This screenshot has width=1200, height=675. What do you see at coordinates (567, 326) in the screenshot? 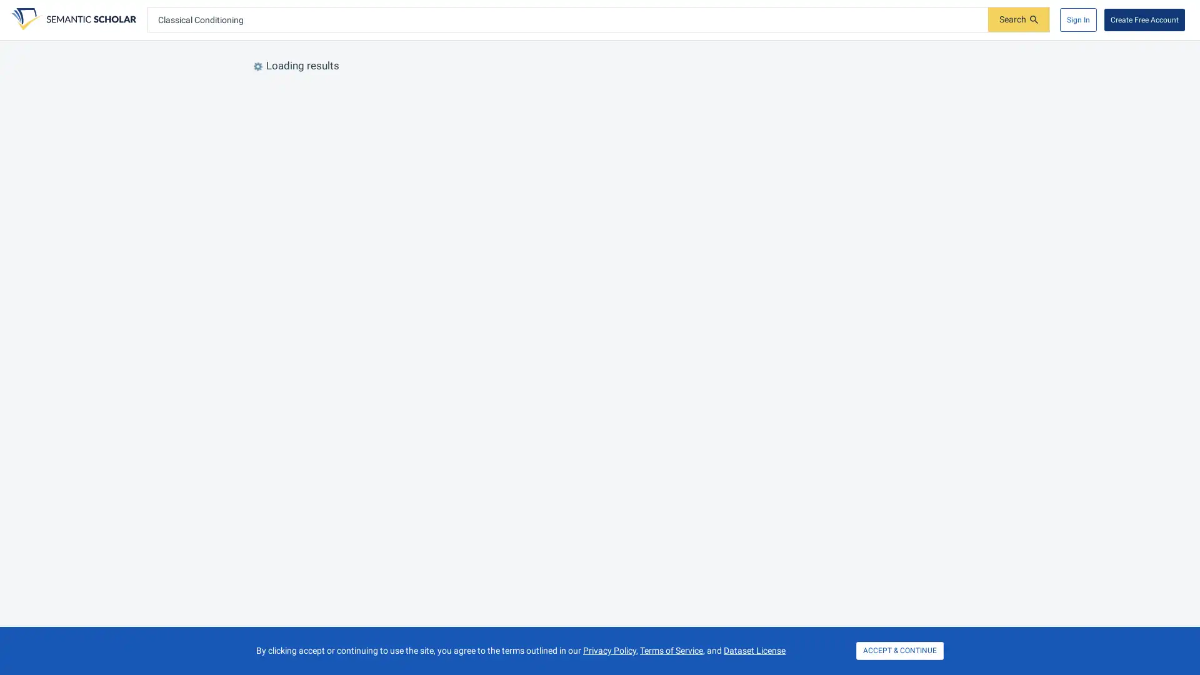
I see `Expand truncated text` at bounding box center [567, 326].